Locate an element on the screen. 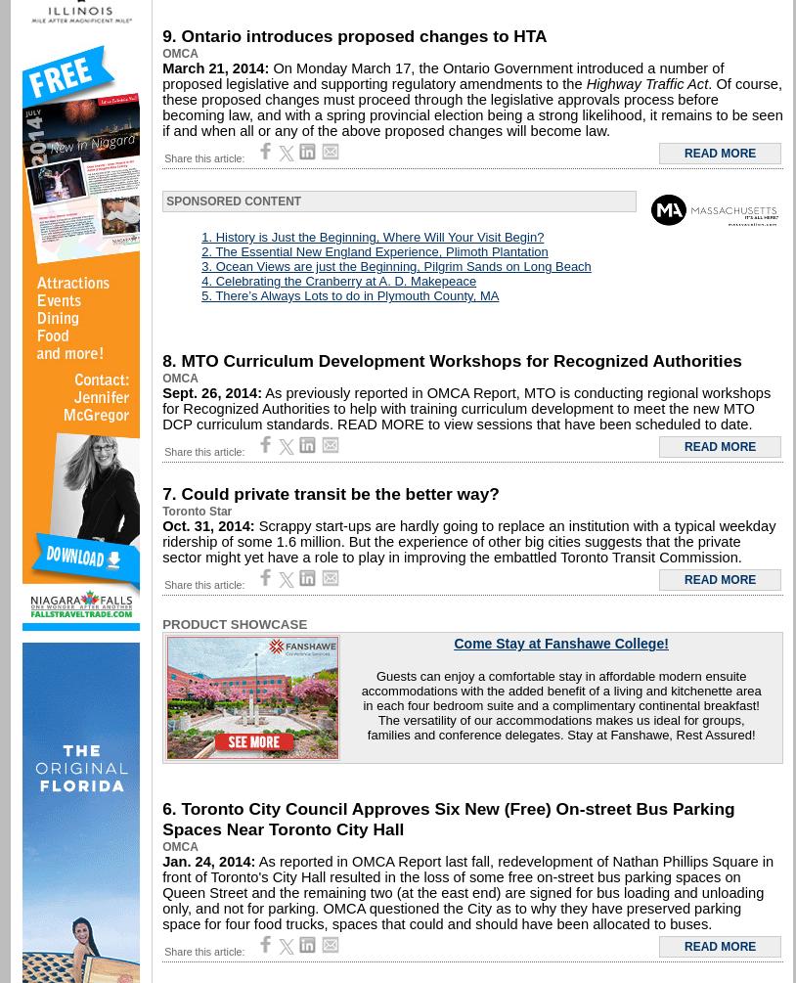 This screenshot has height=983, width=796. '7. Could private transit be the better way?' is located at coordinates (330, 493).